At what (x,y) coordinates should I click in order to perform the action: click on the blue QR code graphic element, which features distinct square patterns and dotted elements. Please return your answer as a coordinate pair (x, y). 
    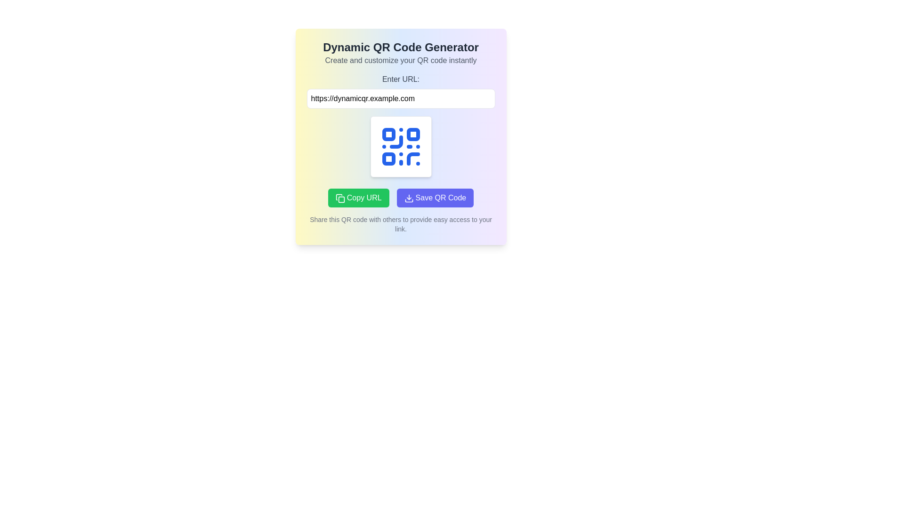
    Looking at the image, I should click on (401, 147).